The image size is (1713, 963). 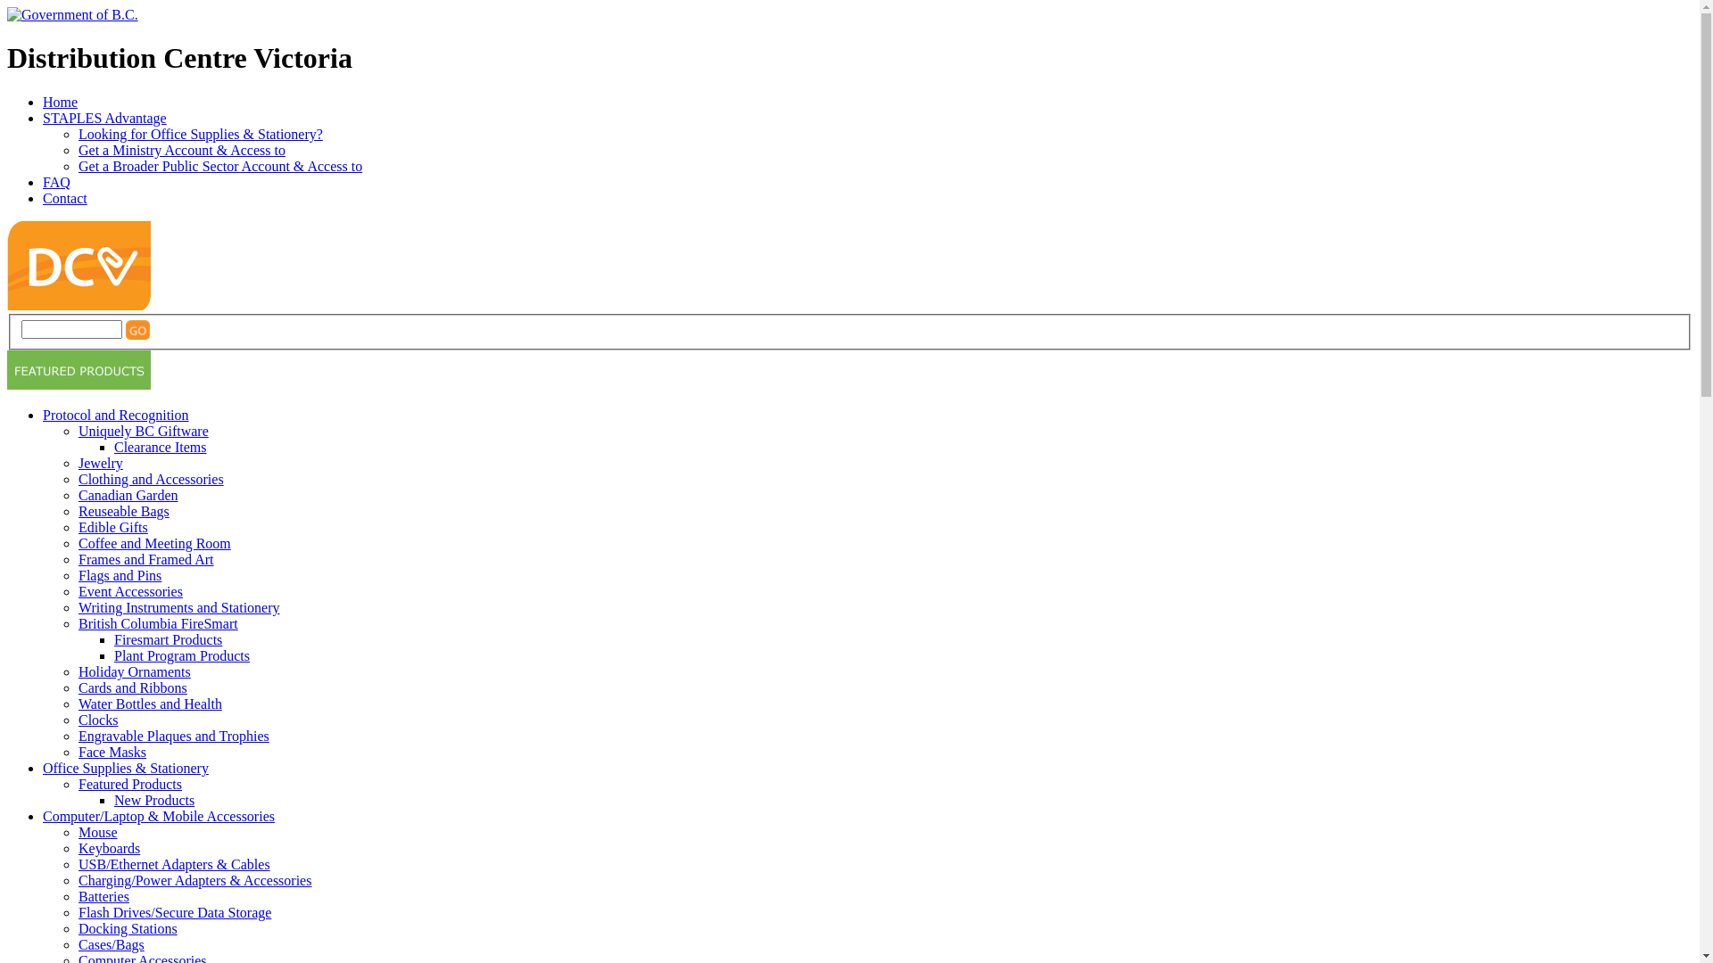 What do you see at coordinates (112, 526) in the screenshot?
I see `'Edible Gifts'` at bounding box center [112, 526].